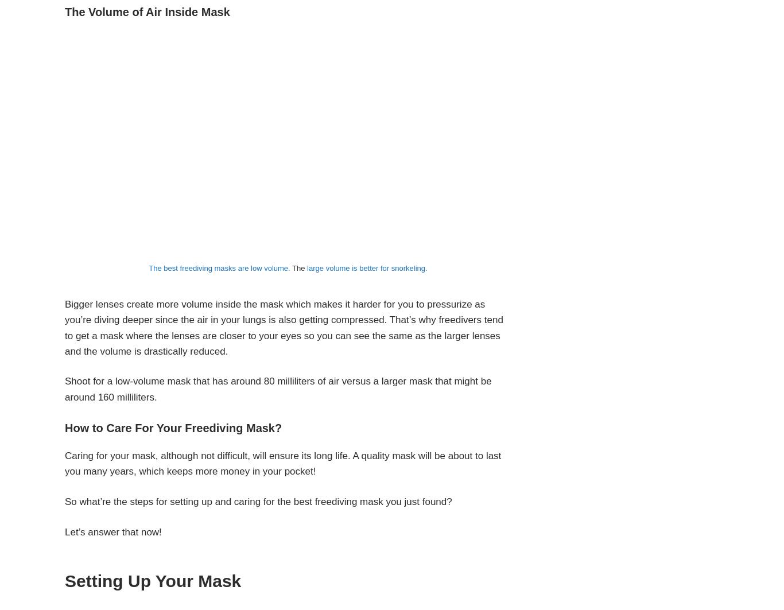 Image resolution: width=784 pixels, height=610 pixels. I want to click on 'large volume is better for snorkeling.', so click(304, 267).